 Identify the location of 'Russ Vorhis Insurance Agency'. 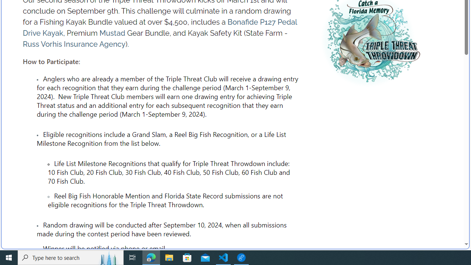
(74, 44).